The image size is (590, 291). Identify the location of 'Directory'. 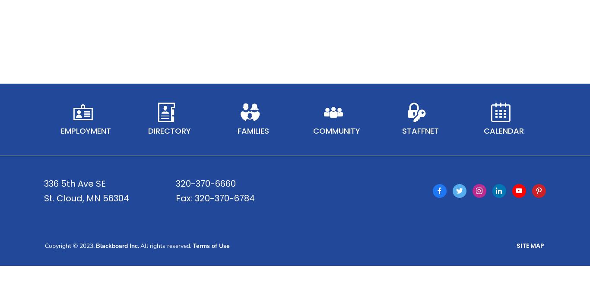
(169, 142).